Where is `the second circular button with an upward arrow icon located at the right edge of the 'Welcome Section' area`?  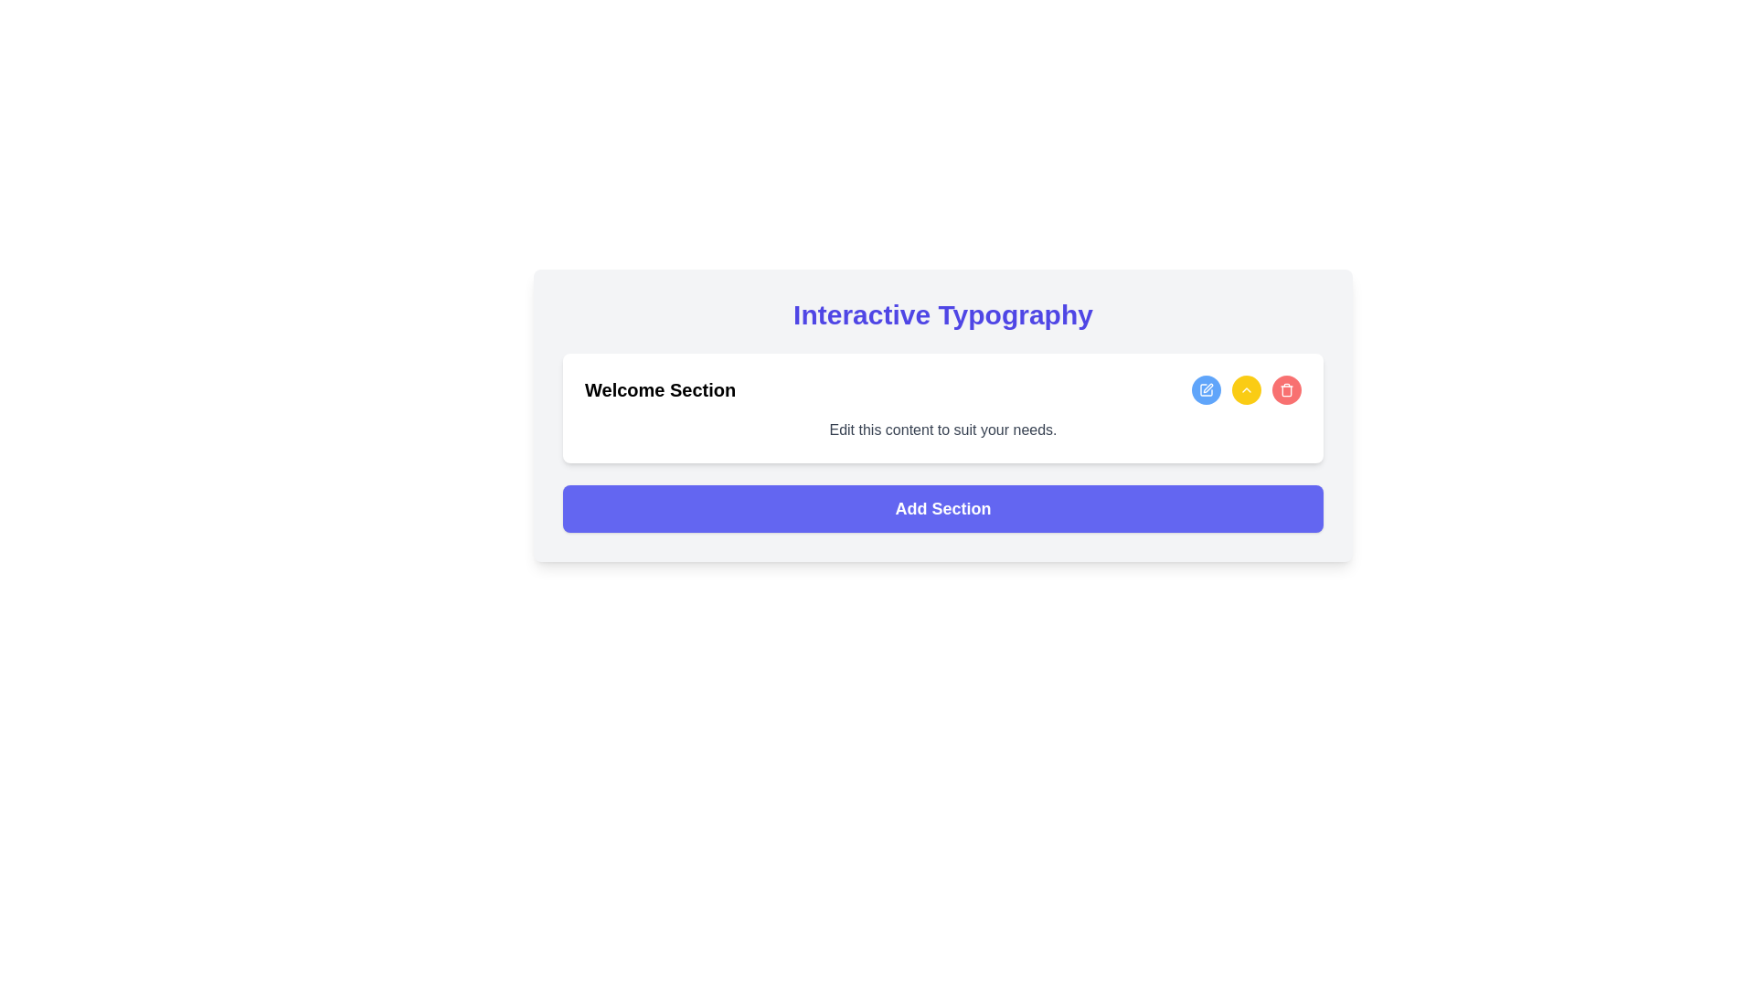
the second circular button with an upward arrow icon located at the right edge of the 'Welcome Section' area is located at coordinates (1245, 389).